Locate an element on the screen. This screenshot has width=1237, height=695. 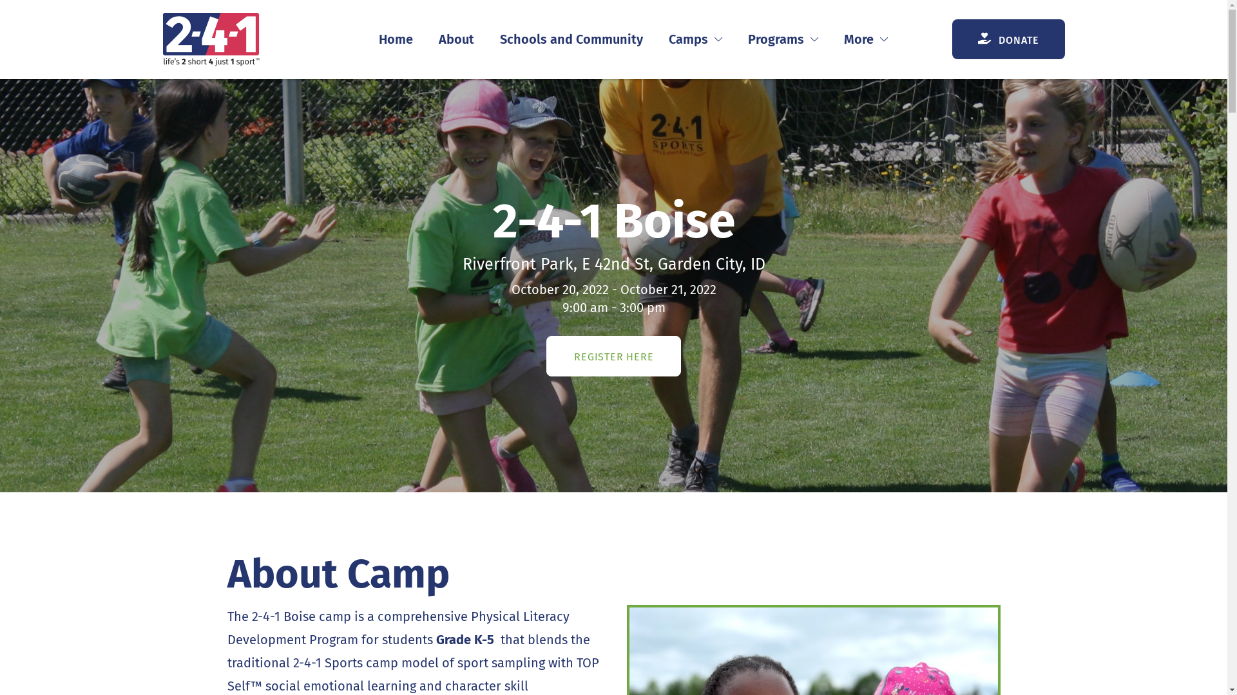
'REGISTER HERE' is located at coordinates (613, 356).